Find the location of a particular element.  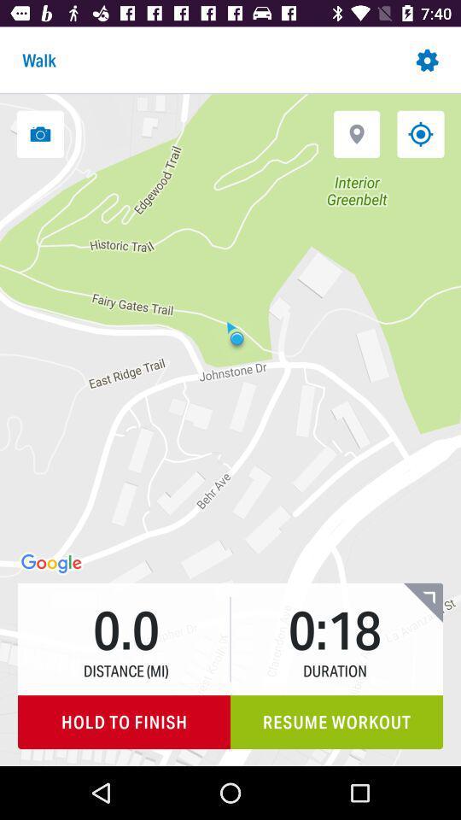

icon next to resume workout icon is located at coordinates (123, 721).